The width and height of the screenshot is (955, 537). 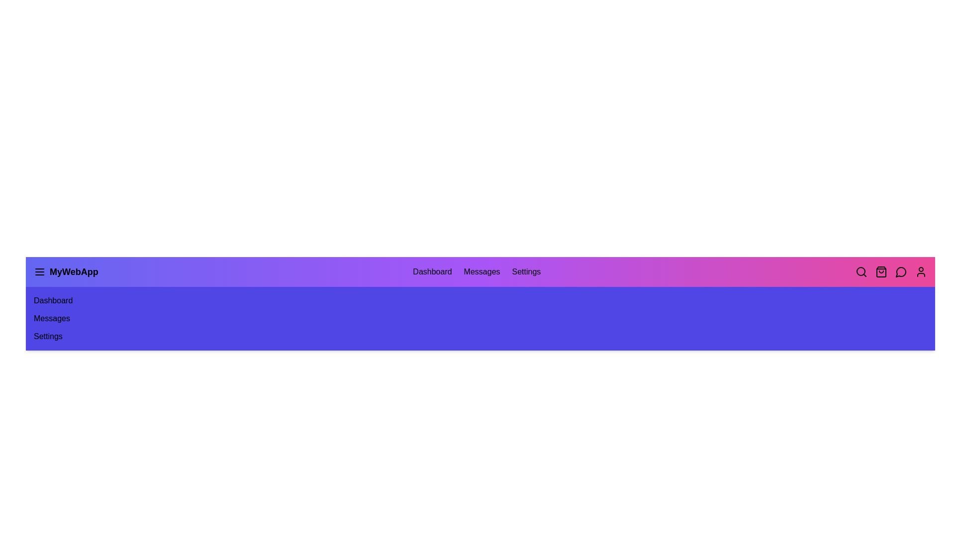 I want to click on the navigation item Messages from the app bar, so click(x=482, y=272).